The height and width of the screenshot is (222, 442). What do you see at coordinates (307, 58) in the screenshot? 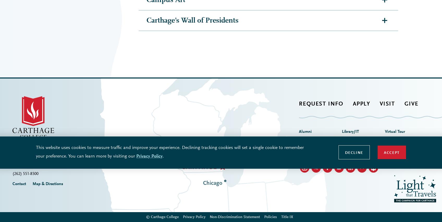
I see `'Bookstore'` at bounding box center [307, 58].